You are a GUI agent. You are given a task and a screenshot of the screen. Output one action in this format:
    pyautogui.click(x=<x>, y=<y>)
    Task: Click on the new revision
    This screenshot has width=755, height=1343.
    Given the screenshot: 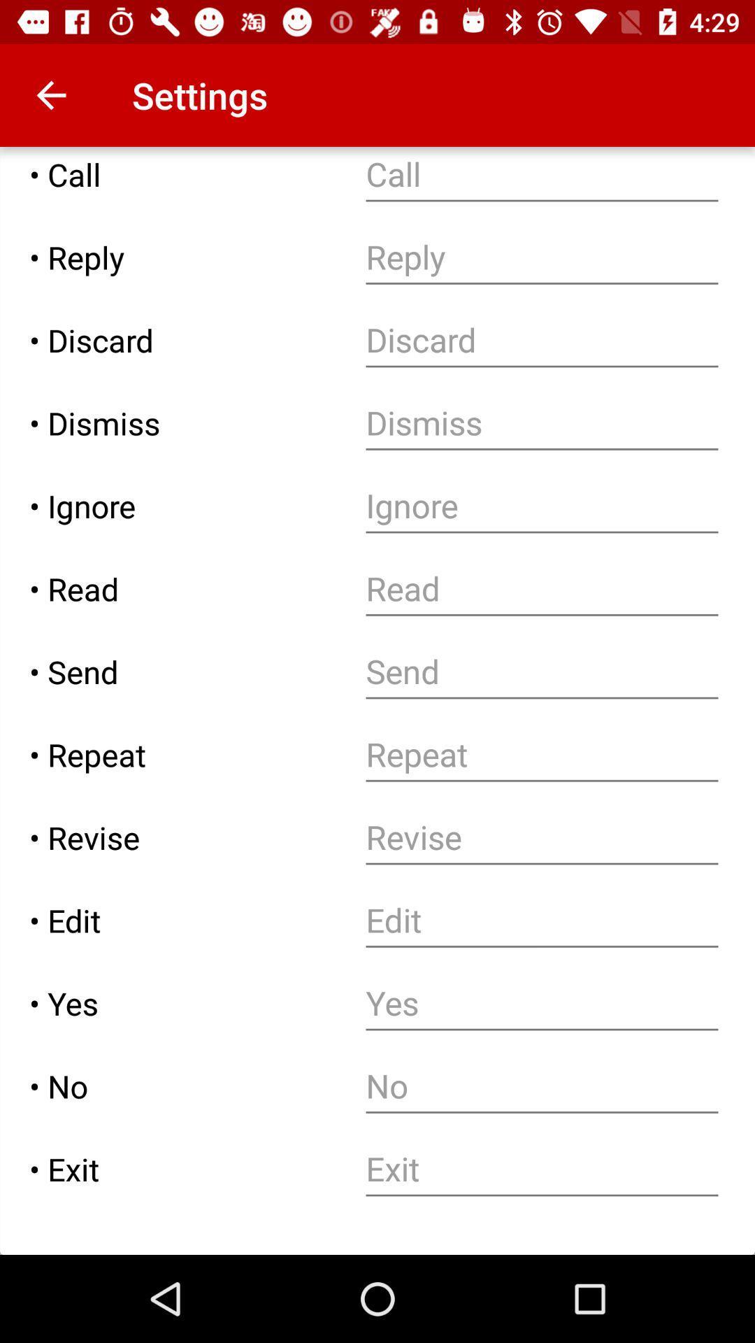 What is the action you would take?
    pyautogui.click(x=541, y=837)
    